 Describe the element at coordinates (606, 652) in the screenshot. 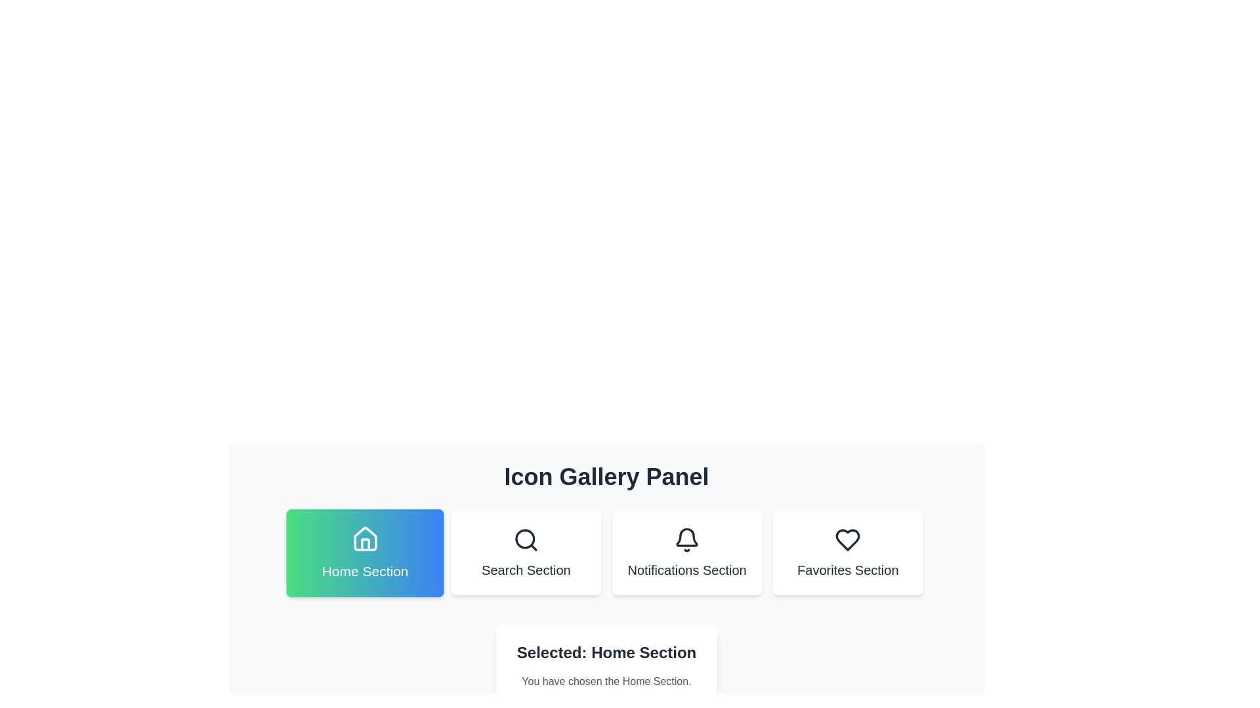

I see `the Static text header that displays 'Selected: Home Section', which is a bold and large label in dark gray on a white background` at that location.